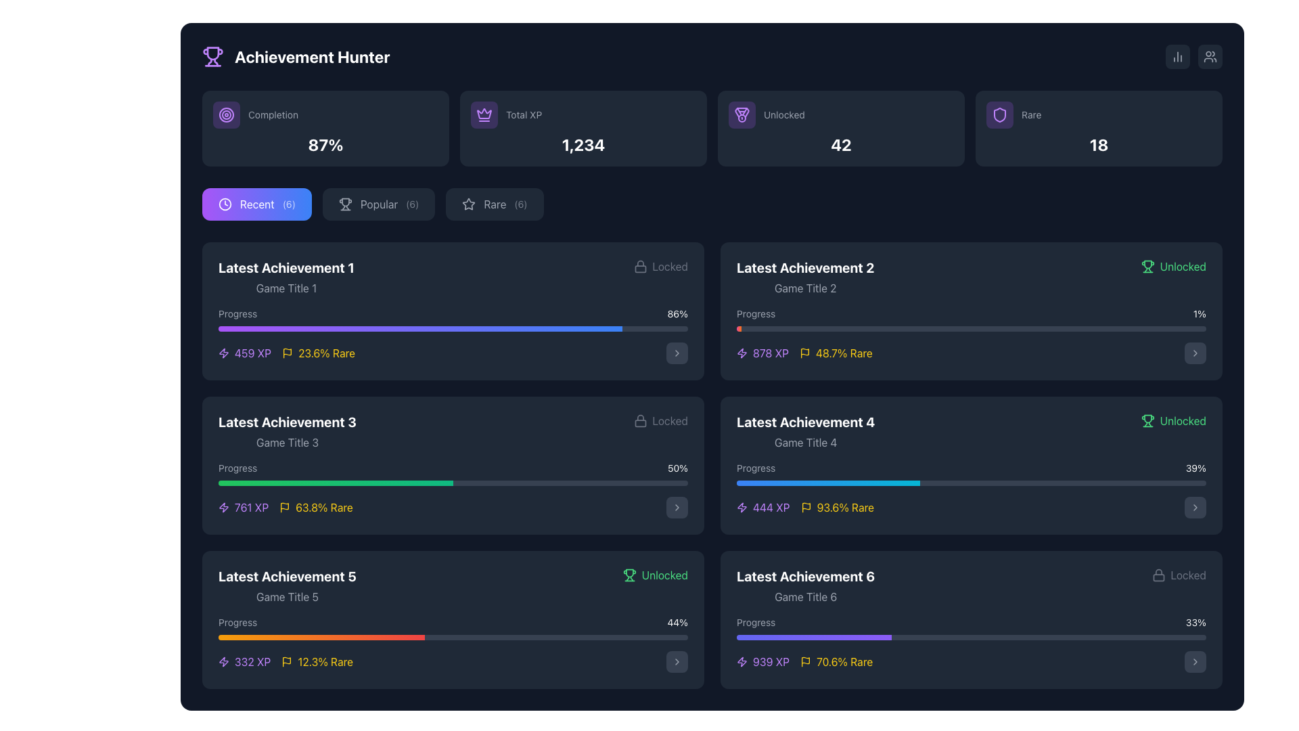  What do you see at coordinates (272, 114) in the screenshot?
I see `the 'Completion' text label displayed in light gray color, located inside a summary card at the top-left portion of the interface, positioned to the right of a purple circular icon` at bounding box center [272, 114].